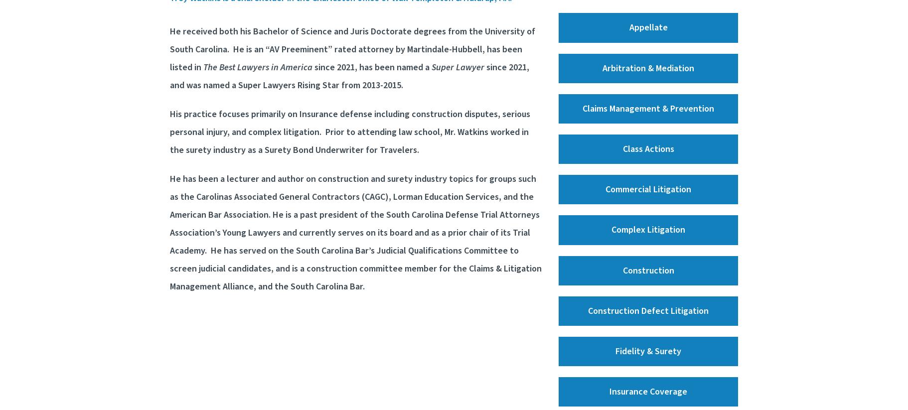 Image resolution: width=908 pixels, height=410 pixels. Describe the element at coordinates (169, 132) in the screenshot. I see `'His practice focuses primarily on Insurance defense including construction disputes, serious personal injury, and complex litigation.  Prior to attending law school, Mr. Watkins worked in the surety industry as a Surety Bond Underwriter for Travelers.'` at that location.